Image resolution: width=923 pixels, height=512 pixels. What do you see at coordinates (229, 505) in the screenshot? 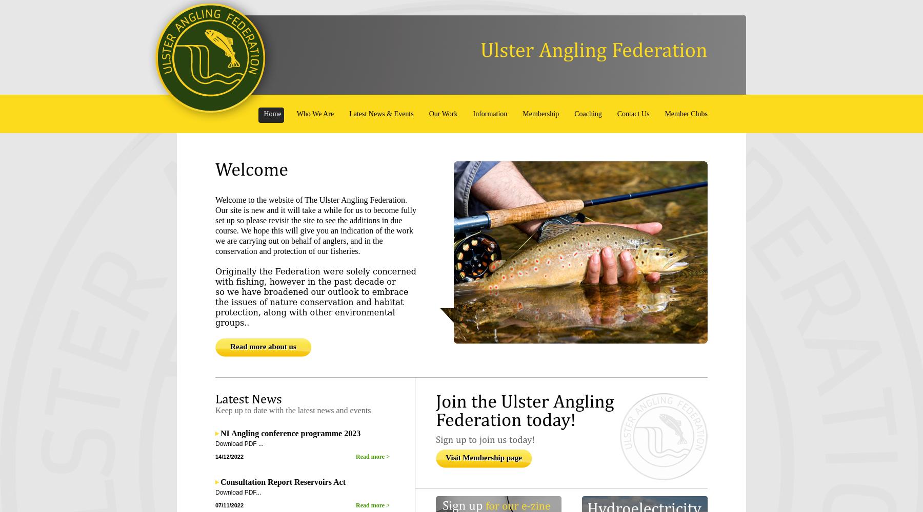
I see `'07/11/2022'` at bounding box center [229, 505].